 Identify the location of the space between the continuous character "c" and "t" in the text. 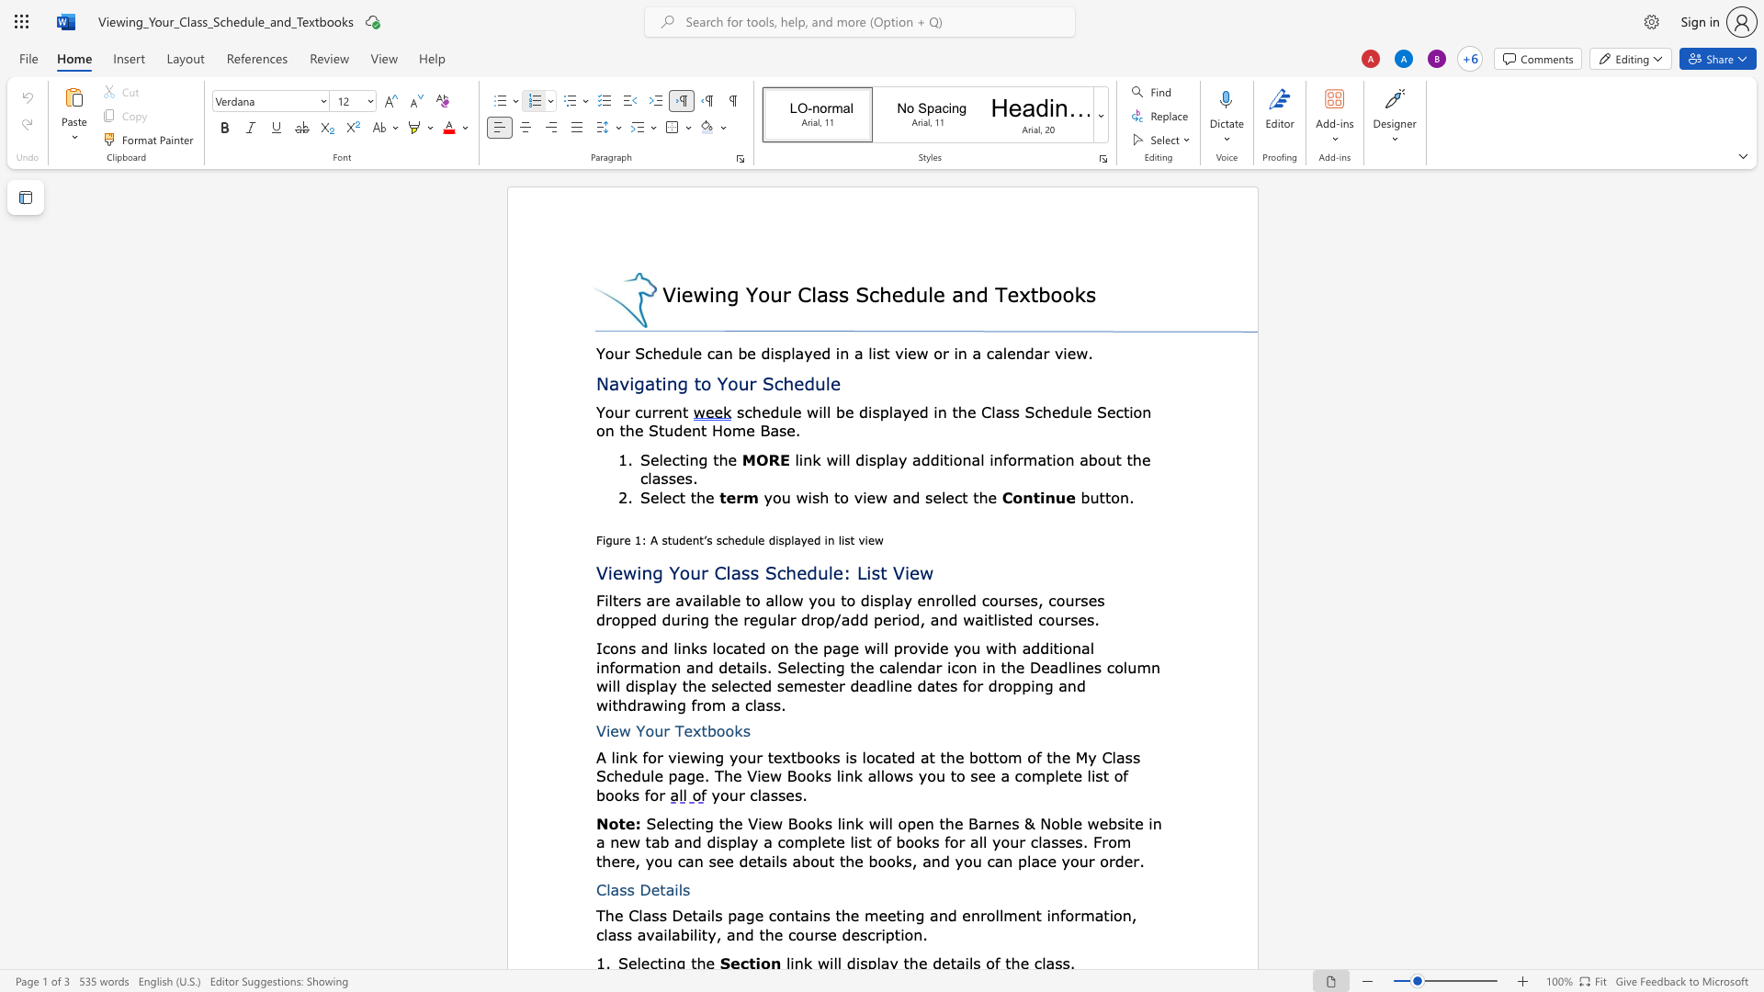
(678, 497).